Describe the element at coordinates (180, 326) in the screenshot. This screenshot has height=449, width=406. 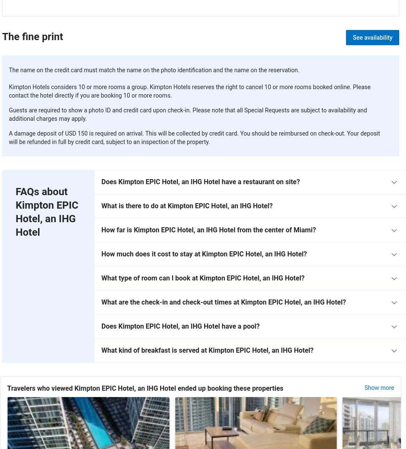
I see `'Does Kimpton EPIC Hotel, an IHG Hotel have a pool?'` at that location.